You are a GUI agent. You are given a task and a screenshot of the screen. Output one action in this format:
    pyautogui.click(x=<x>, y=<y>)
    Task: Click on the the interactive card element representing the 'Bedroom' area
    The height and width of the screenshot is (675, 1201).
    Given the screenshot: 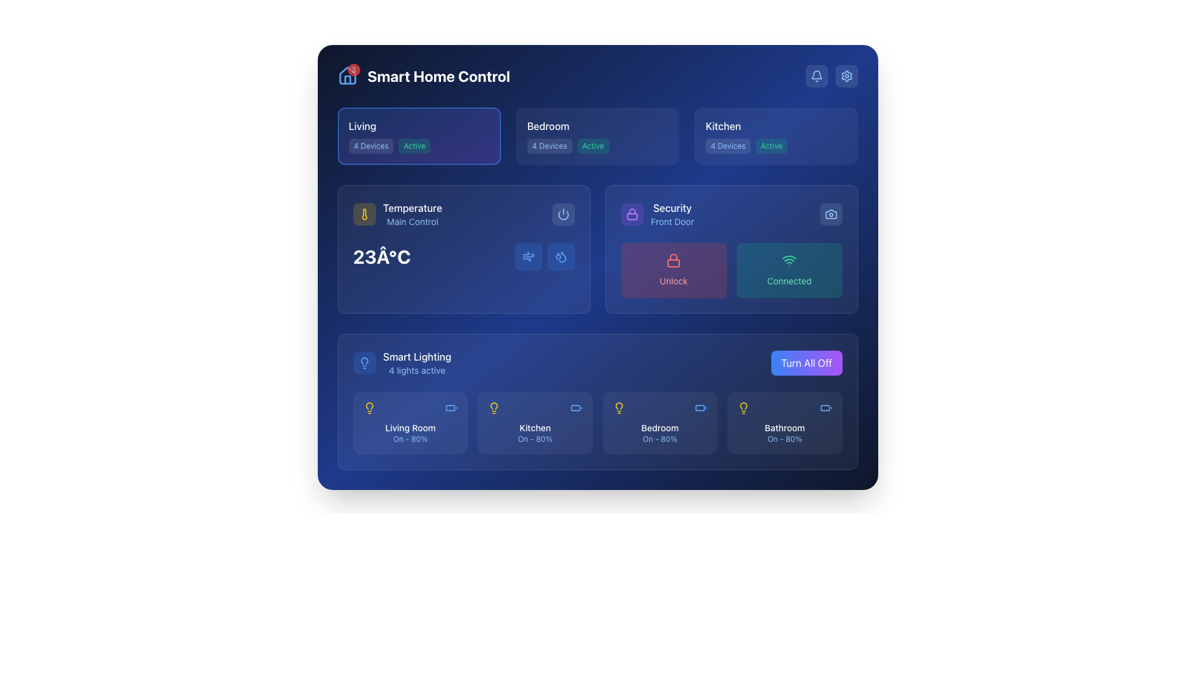 What is the action you would take?
    pyautogui.click(x=597, y=136)
    